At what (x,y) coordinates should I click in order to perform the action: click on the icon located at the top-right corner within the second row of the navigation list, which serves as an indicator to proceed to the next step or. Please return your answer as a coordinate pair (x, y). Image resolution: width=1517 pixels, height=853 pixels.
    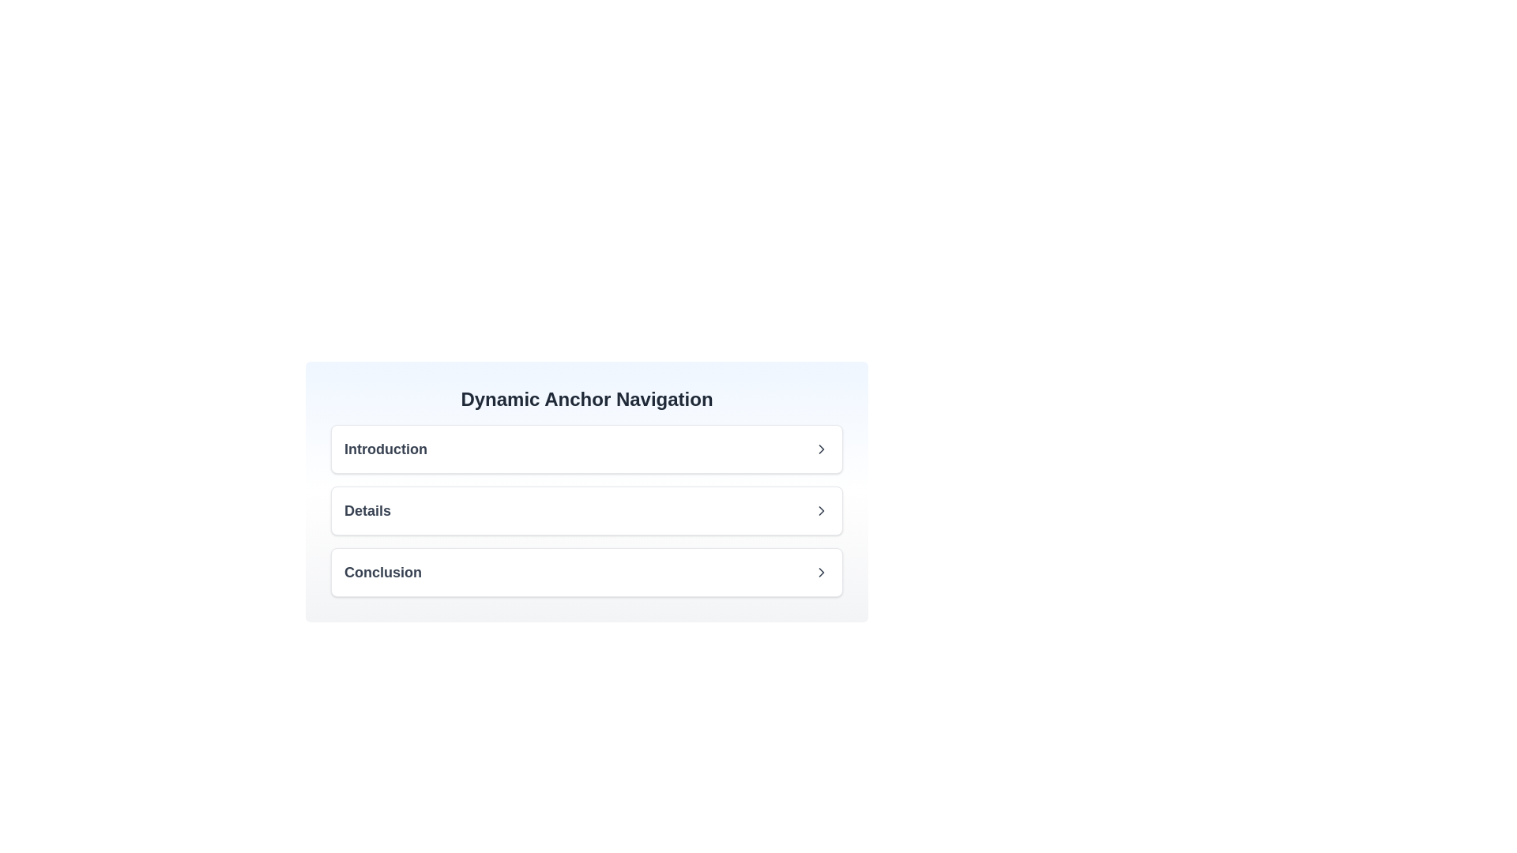
    Looking at the image, I should click on (822, 511).